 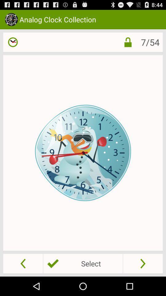 I want to click on the select icon, so click(x=83, y=263).